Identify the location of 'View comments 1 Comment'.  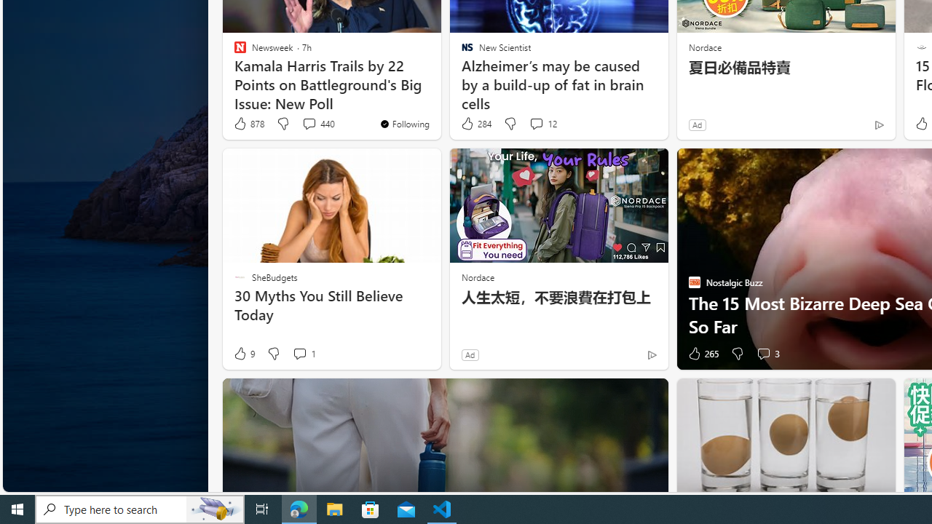
(299, 354).